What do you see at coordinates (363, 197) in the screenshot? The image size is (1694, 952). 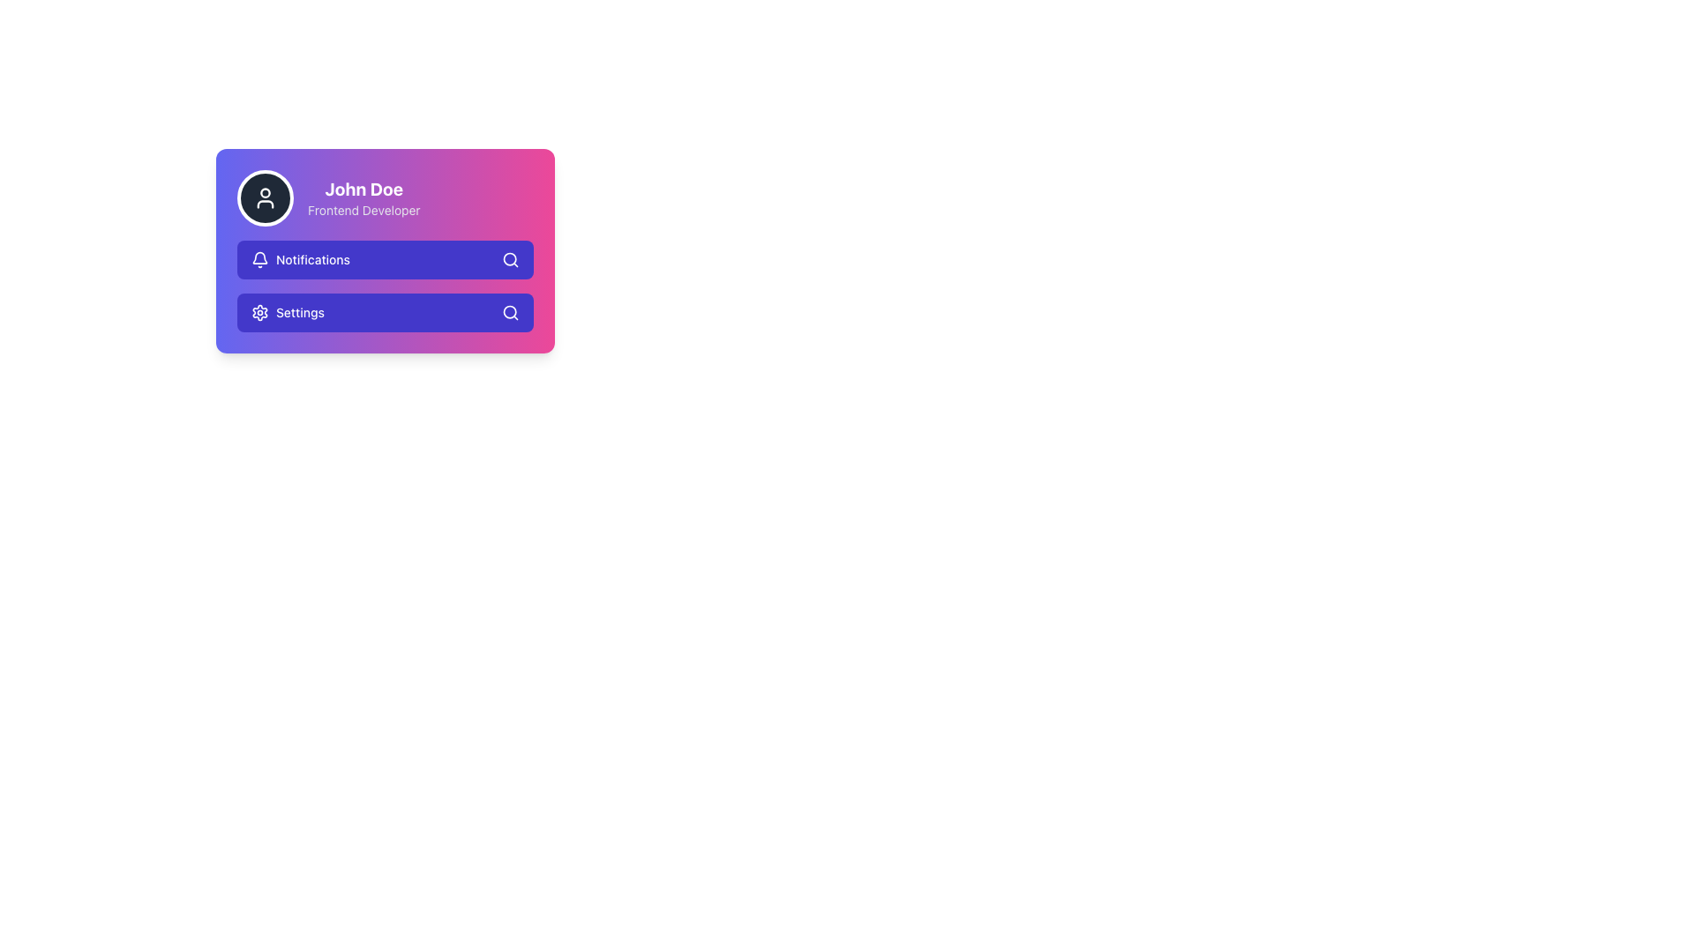 I see `the textual component displaying the name 'John Doe' and the role 'Frontend Developer' within the profile card that has a gradient purple and pink background` at bounding box center [363, 197].